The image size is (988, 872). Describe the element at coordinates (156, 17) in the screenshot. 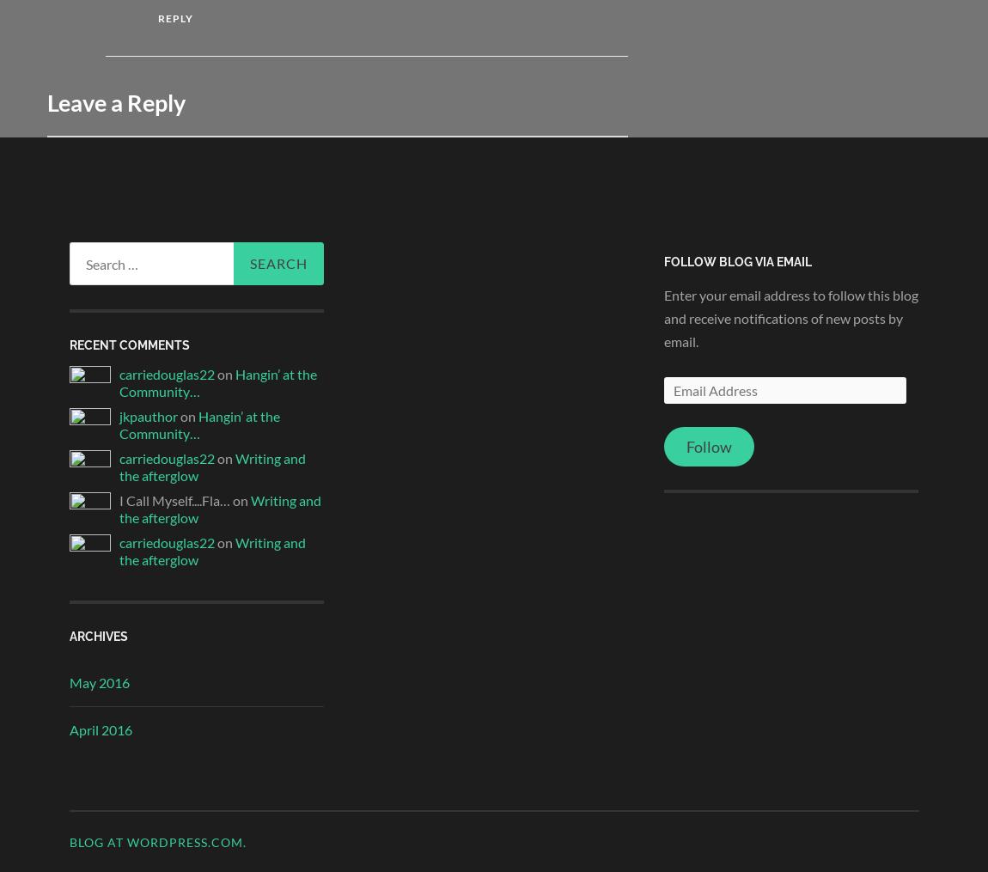

I see `'Reply'` at that location.